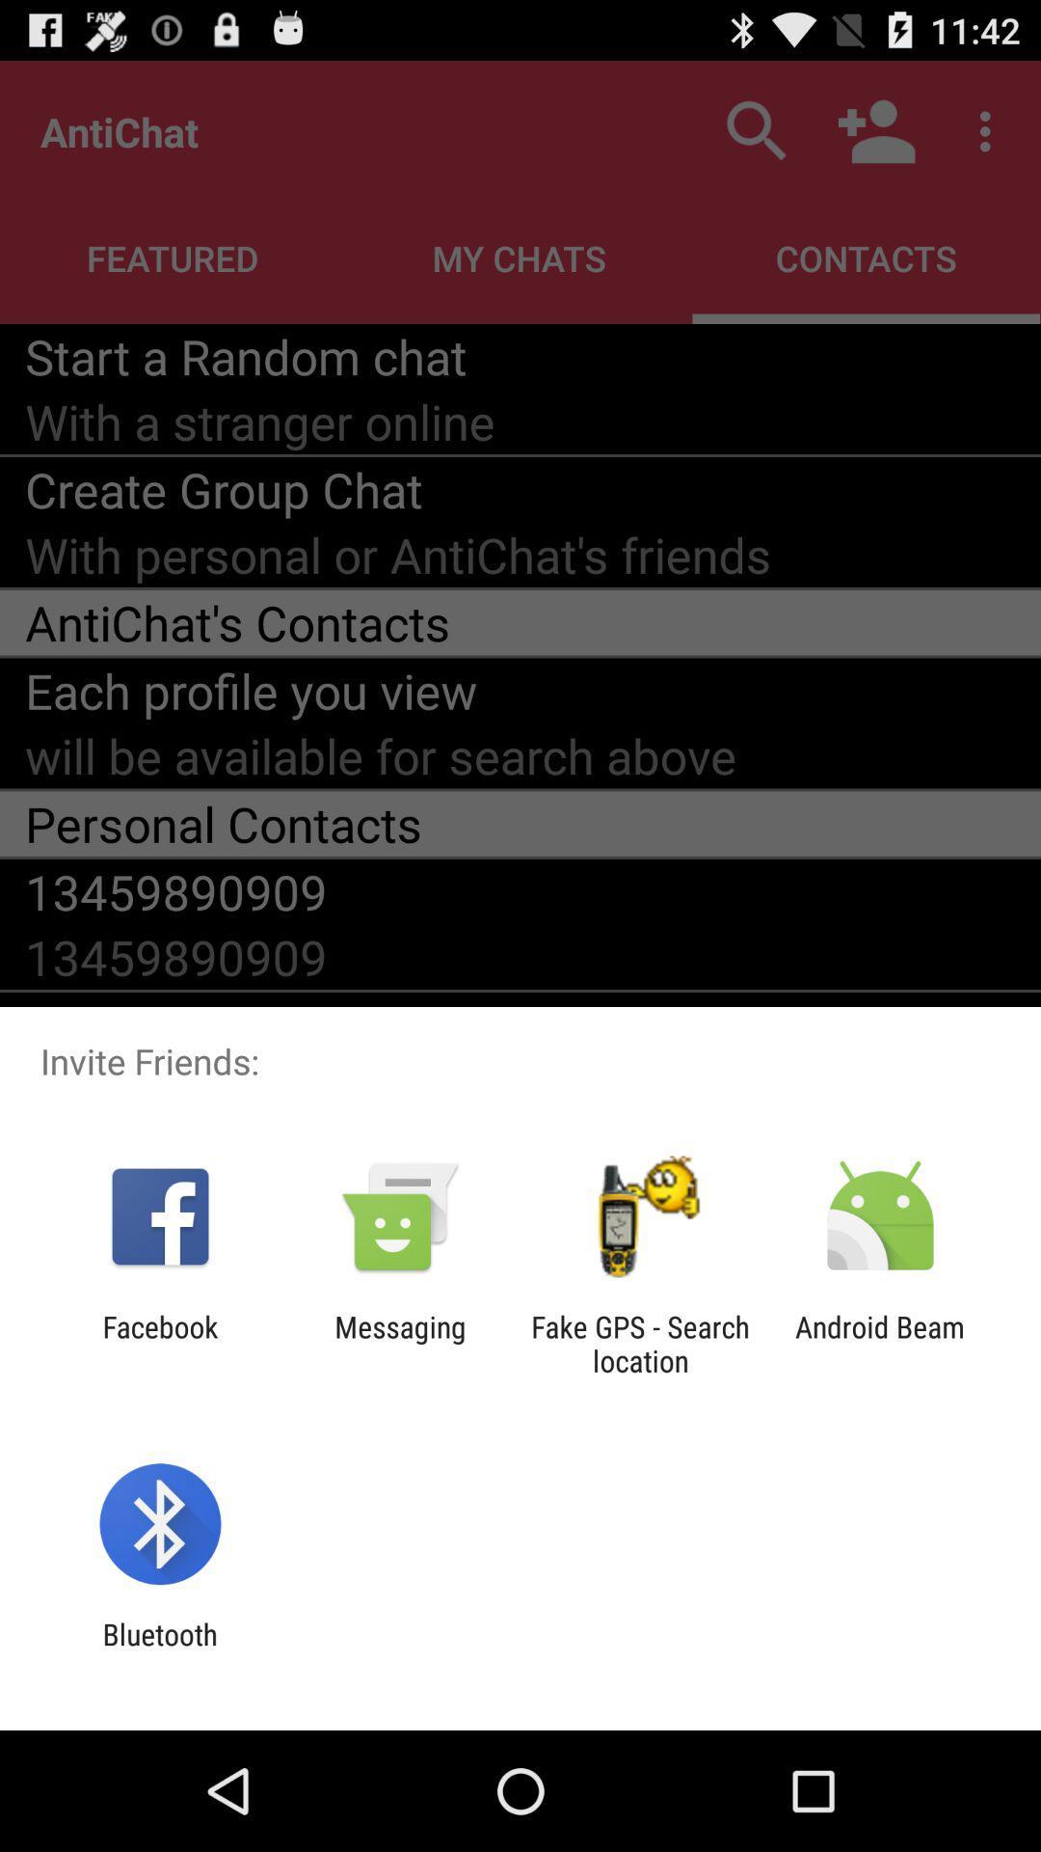 This screenshot has height=1852, width=1041. I want to click on app to the right of the messaging item, so click(640, 1343).